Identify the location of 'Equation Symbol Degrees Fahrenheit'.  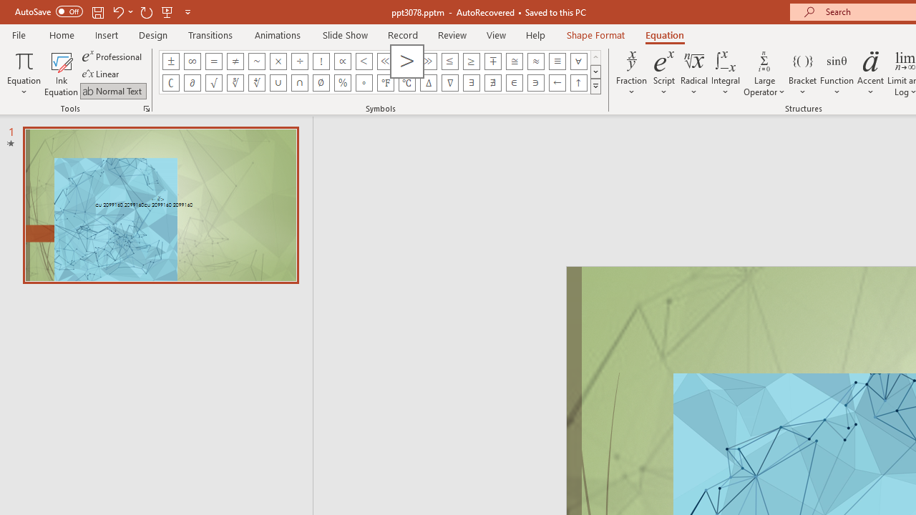
(385, 82).